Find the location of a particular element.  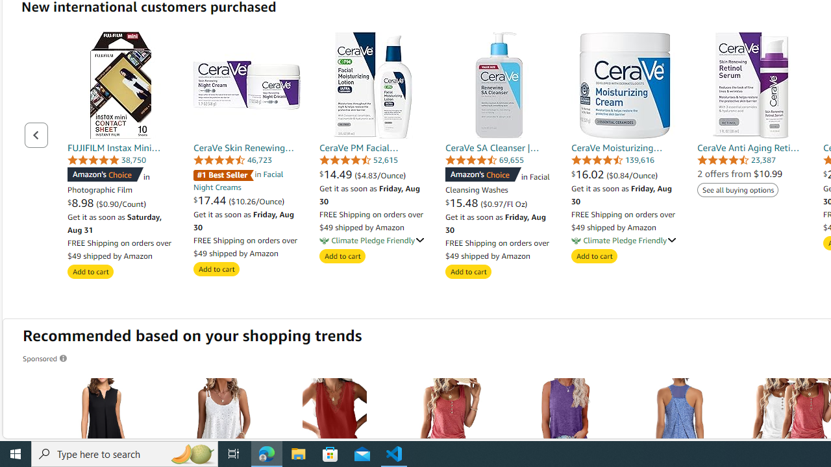

'($4.83/Ounce)' is located at coordinates (380, 175).